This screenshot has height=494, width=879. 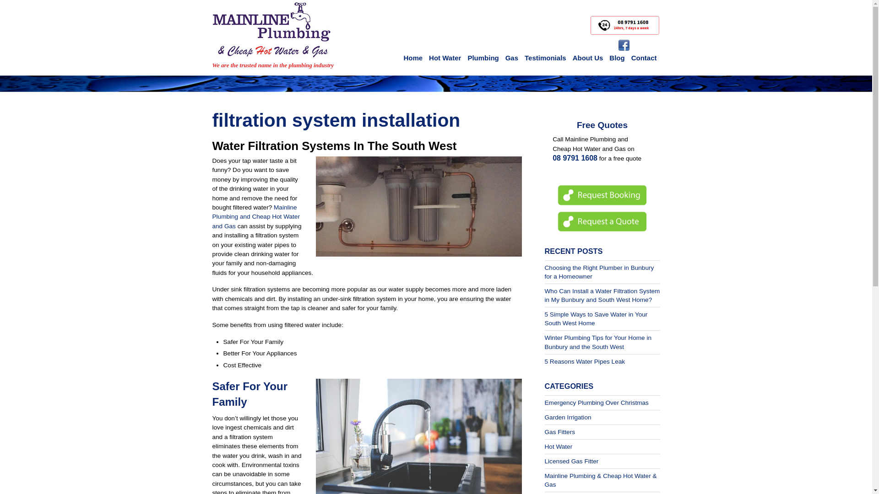 I want to click on 'Choosing the Right Plumber in Bunbury for a Homeowner', so click(x=545, y=271).